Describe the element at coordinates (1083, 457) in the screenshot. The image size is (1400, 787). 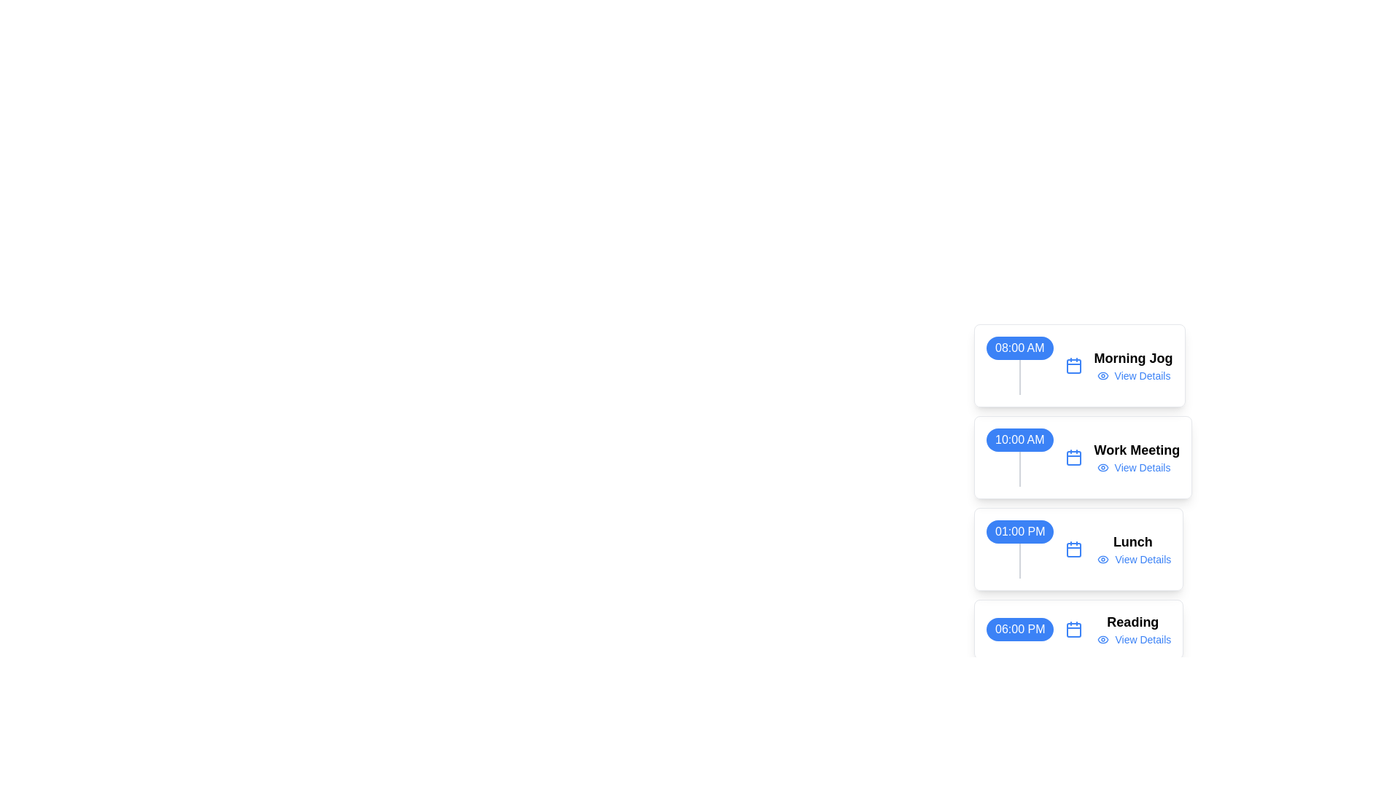
I see `the event card displaying '10:00 AM' with the label 'Work Meeting' positioned as the second item in the vertical list of events` at that location.